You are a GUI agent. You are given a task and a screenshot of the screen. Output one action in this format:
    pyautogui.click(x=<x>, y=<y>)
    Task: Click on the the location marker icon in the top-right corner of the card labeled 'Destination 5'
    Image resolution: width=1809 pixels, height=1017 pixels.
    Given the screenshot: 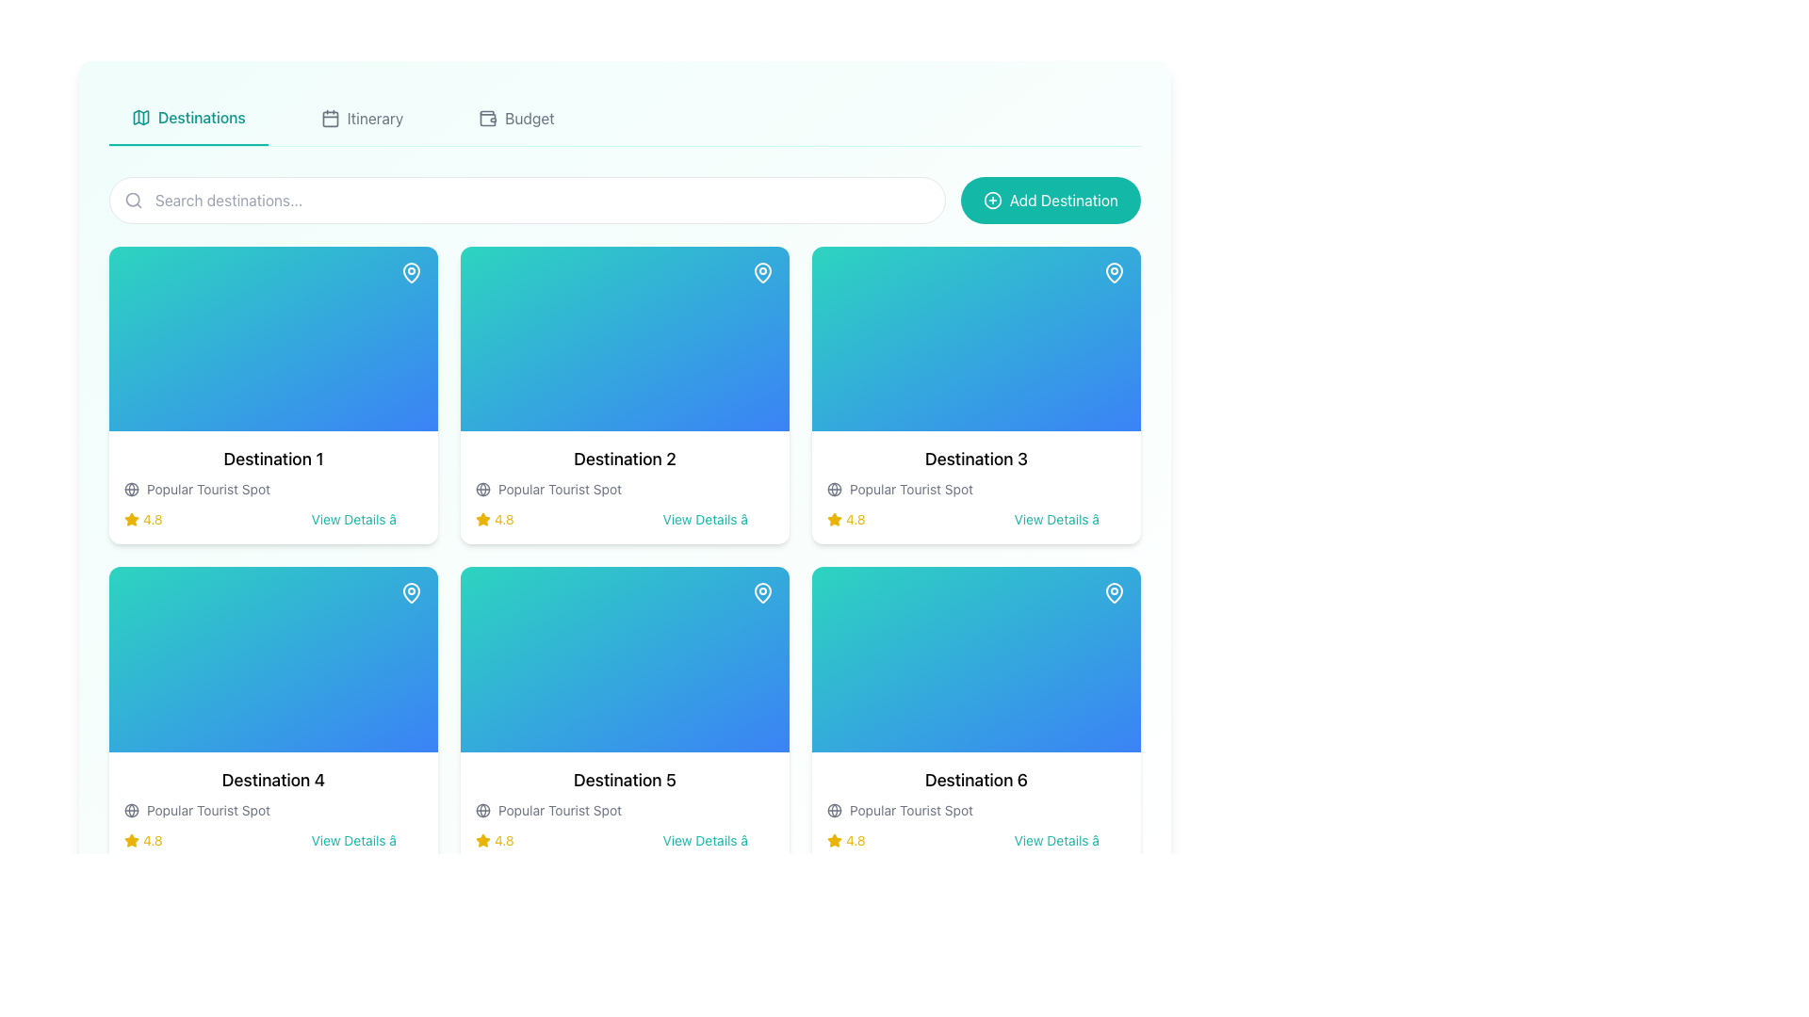 What is the action you would take?
    pyautogui.click(x=763, y=591)
    